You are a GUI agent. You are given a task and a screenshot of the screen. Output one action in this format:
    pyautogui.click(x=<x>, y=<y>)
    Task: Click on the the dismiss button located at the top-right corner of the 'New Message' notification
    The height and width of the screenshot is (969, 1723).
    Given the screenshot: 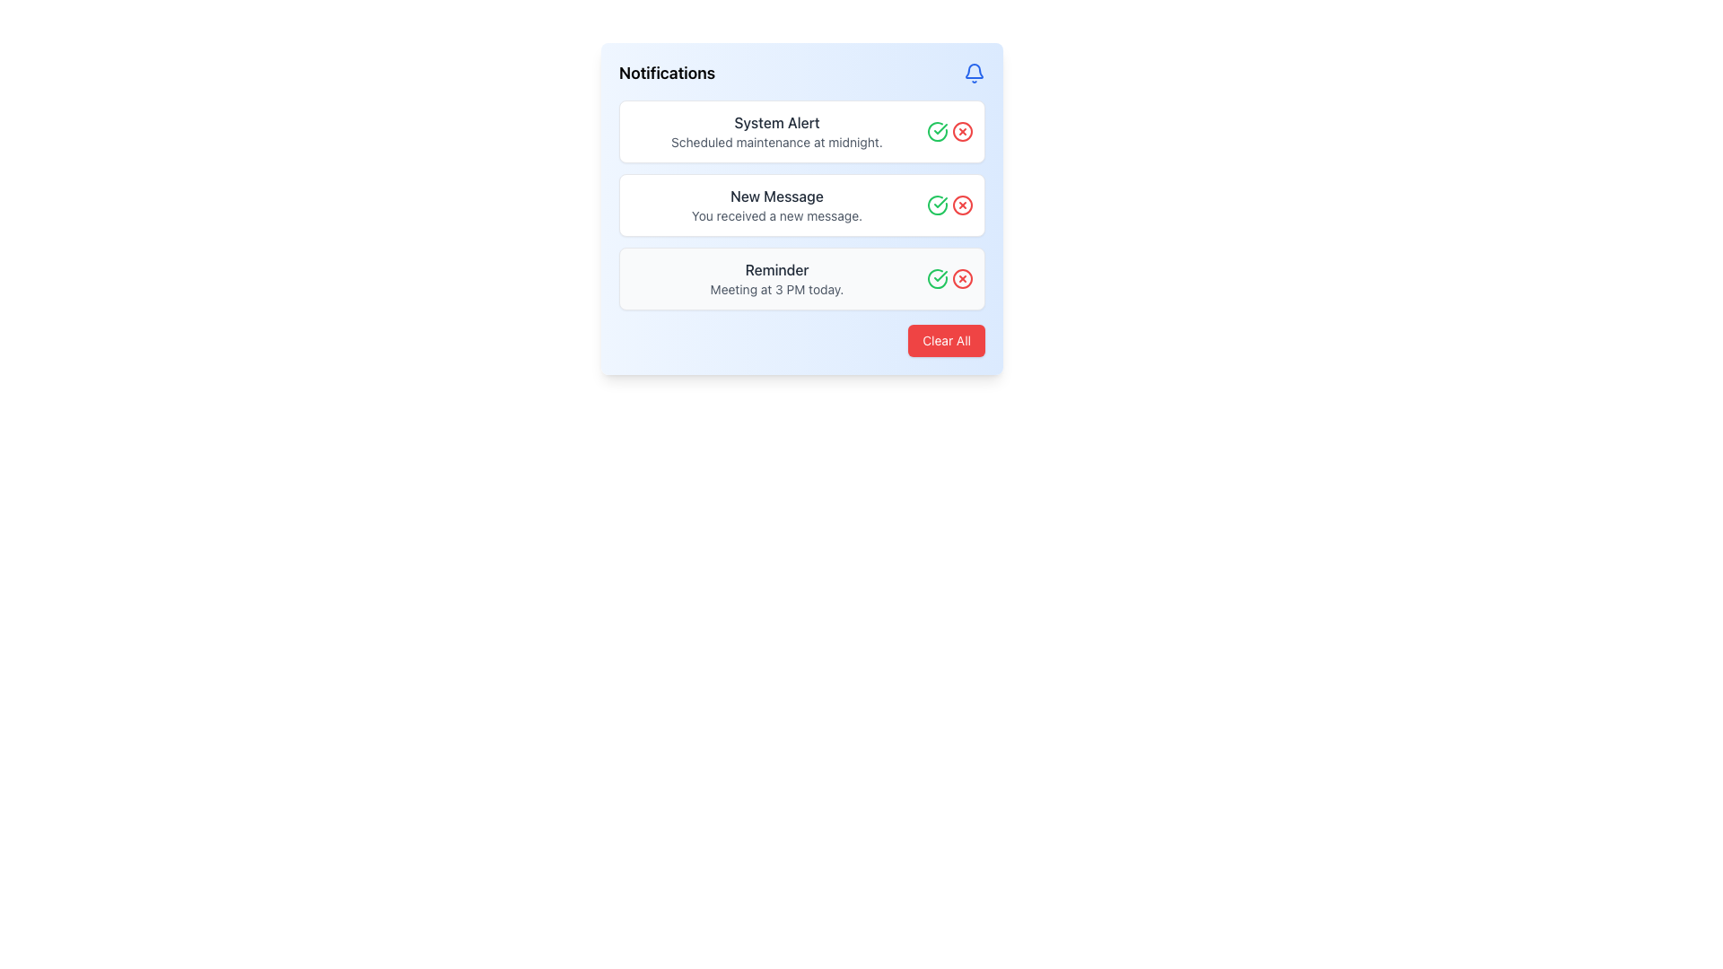 What is the action you would take?
    pyautogui.click(x=962, y=204)
    